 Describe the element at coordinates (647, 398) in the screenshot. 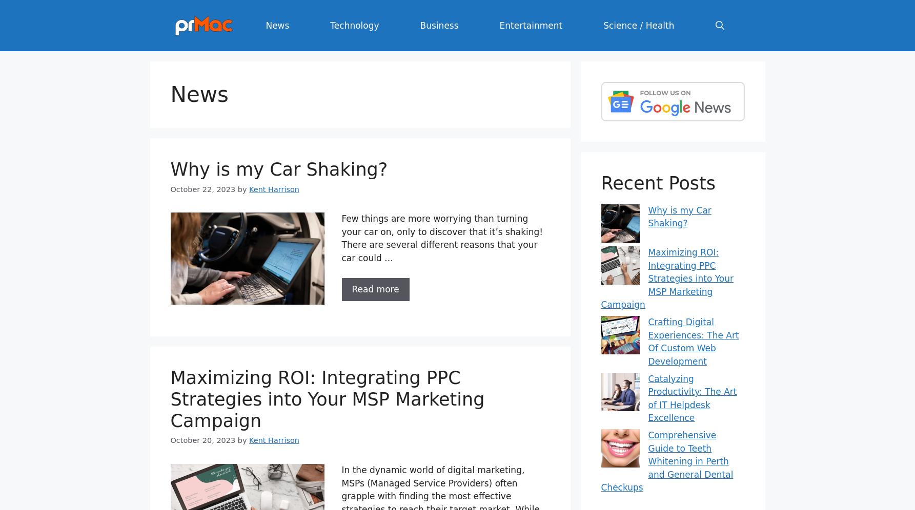

I see `'Catalyzing Productivity: The Art of IT Helpdesk Excellence'` at that location.